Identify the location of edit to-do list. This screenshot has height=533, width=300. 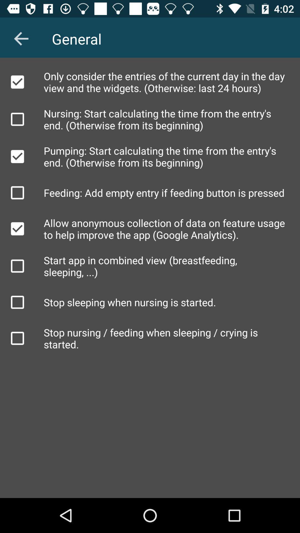
(17, 338).